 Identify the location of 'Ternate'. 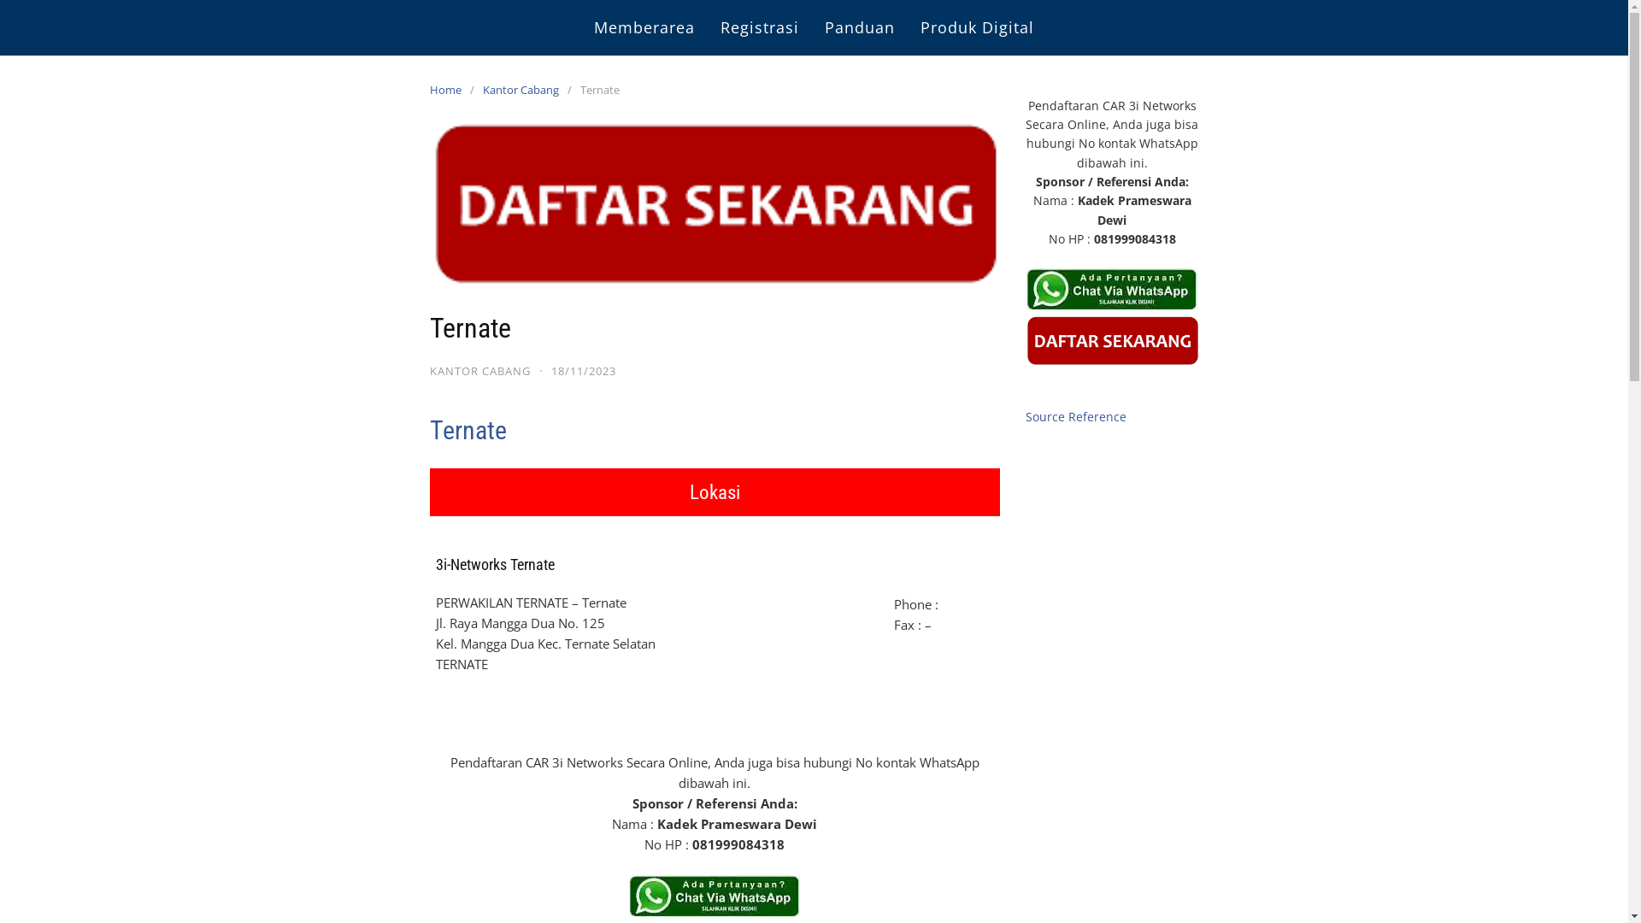
(468, 429).